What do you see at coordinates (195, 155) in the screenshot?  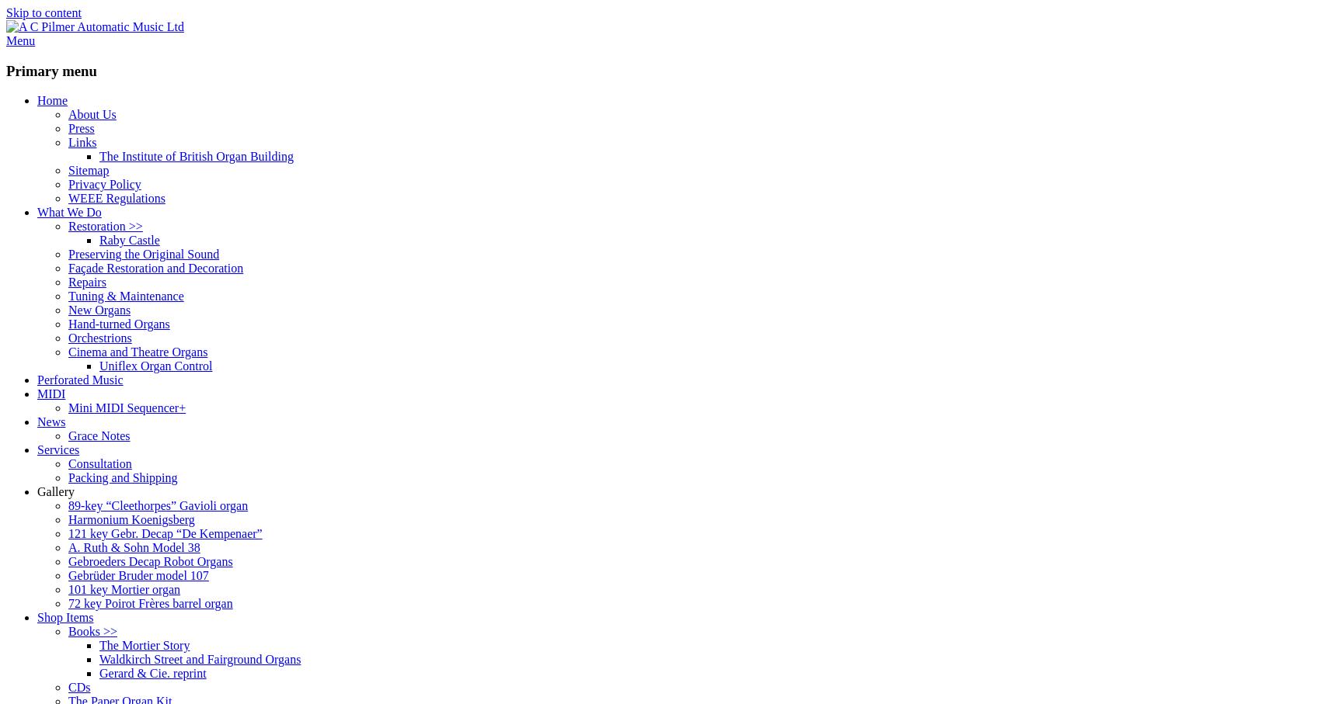 I see `'The Institute of British Organ Building'` at bounding box center [195, 155].